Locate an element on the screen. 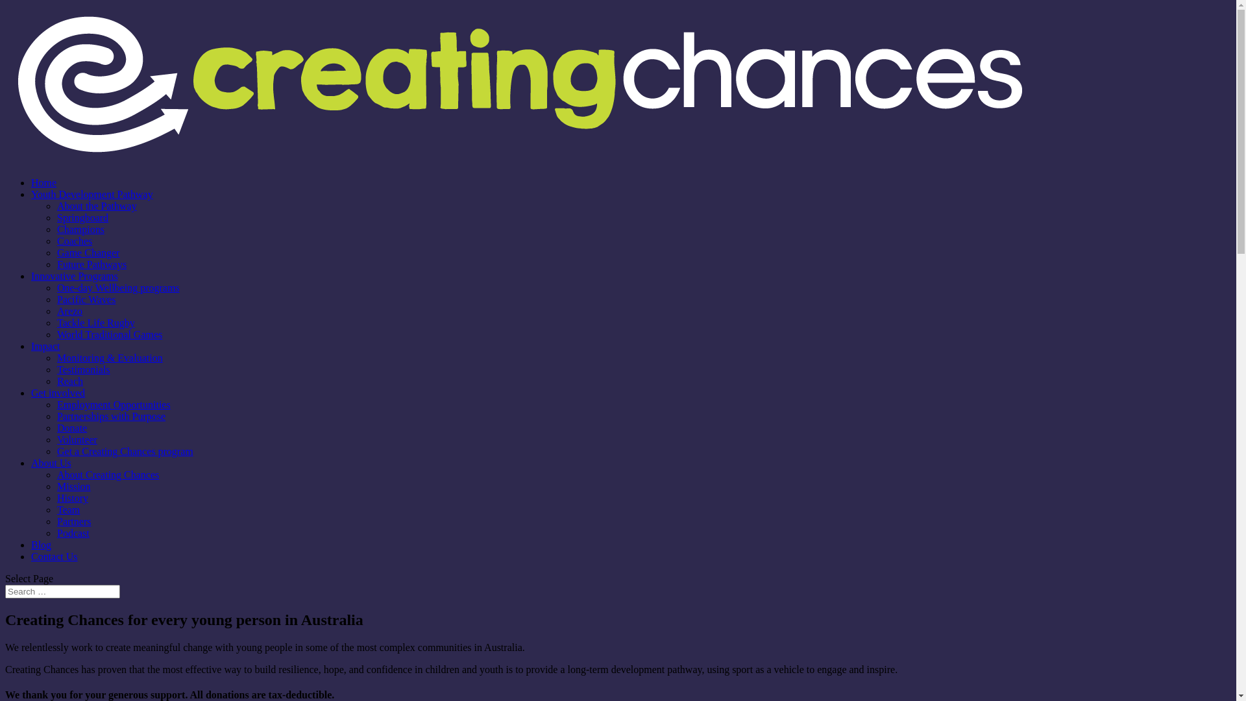  'Coaches' is located at coordinates (74, 241).